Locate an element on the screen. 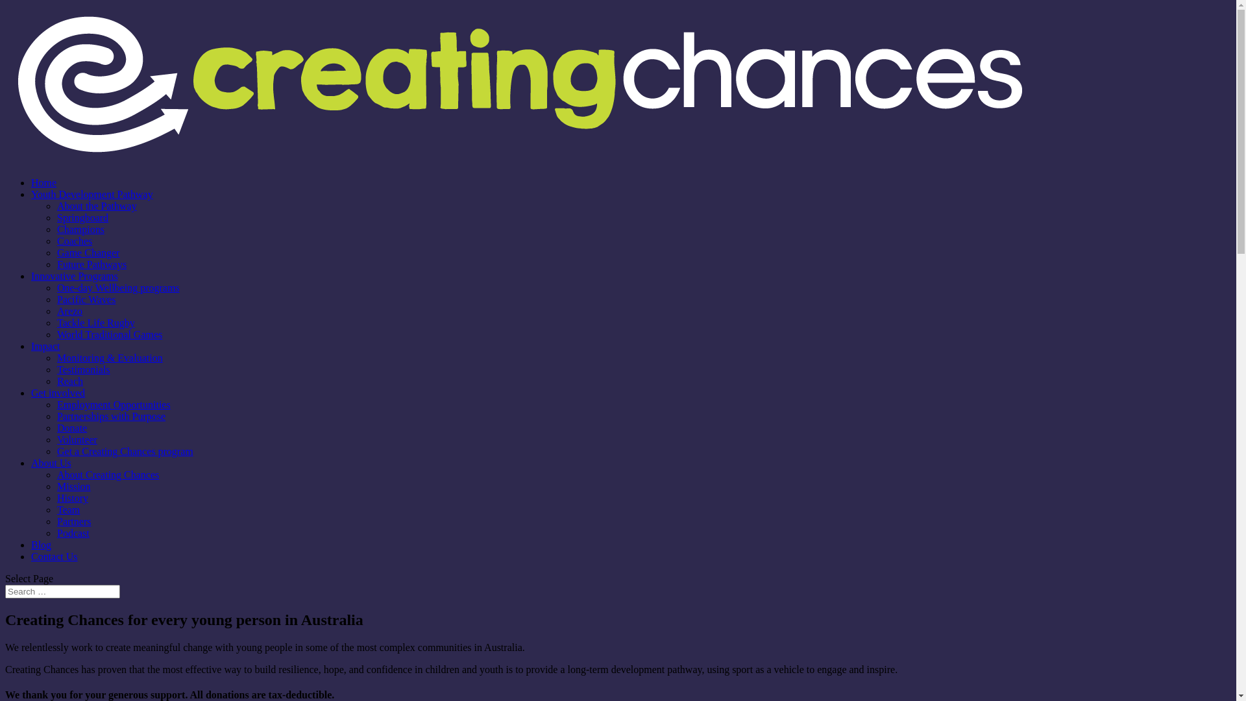  'Coaches' is located at coordinates (74, 241).